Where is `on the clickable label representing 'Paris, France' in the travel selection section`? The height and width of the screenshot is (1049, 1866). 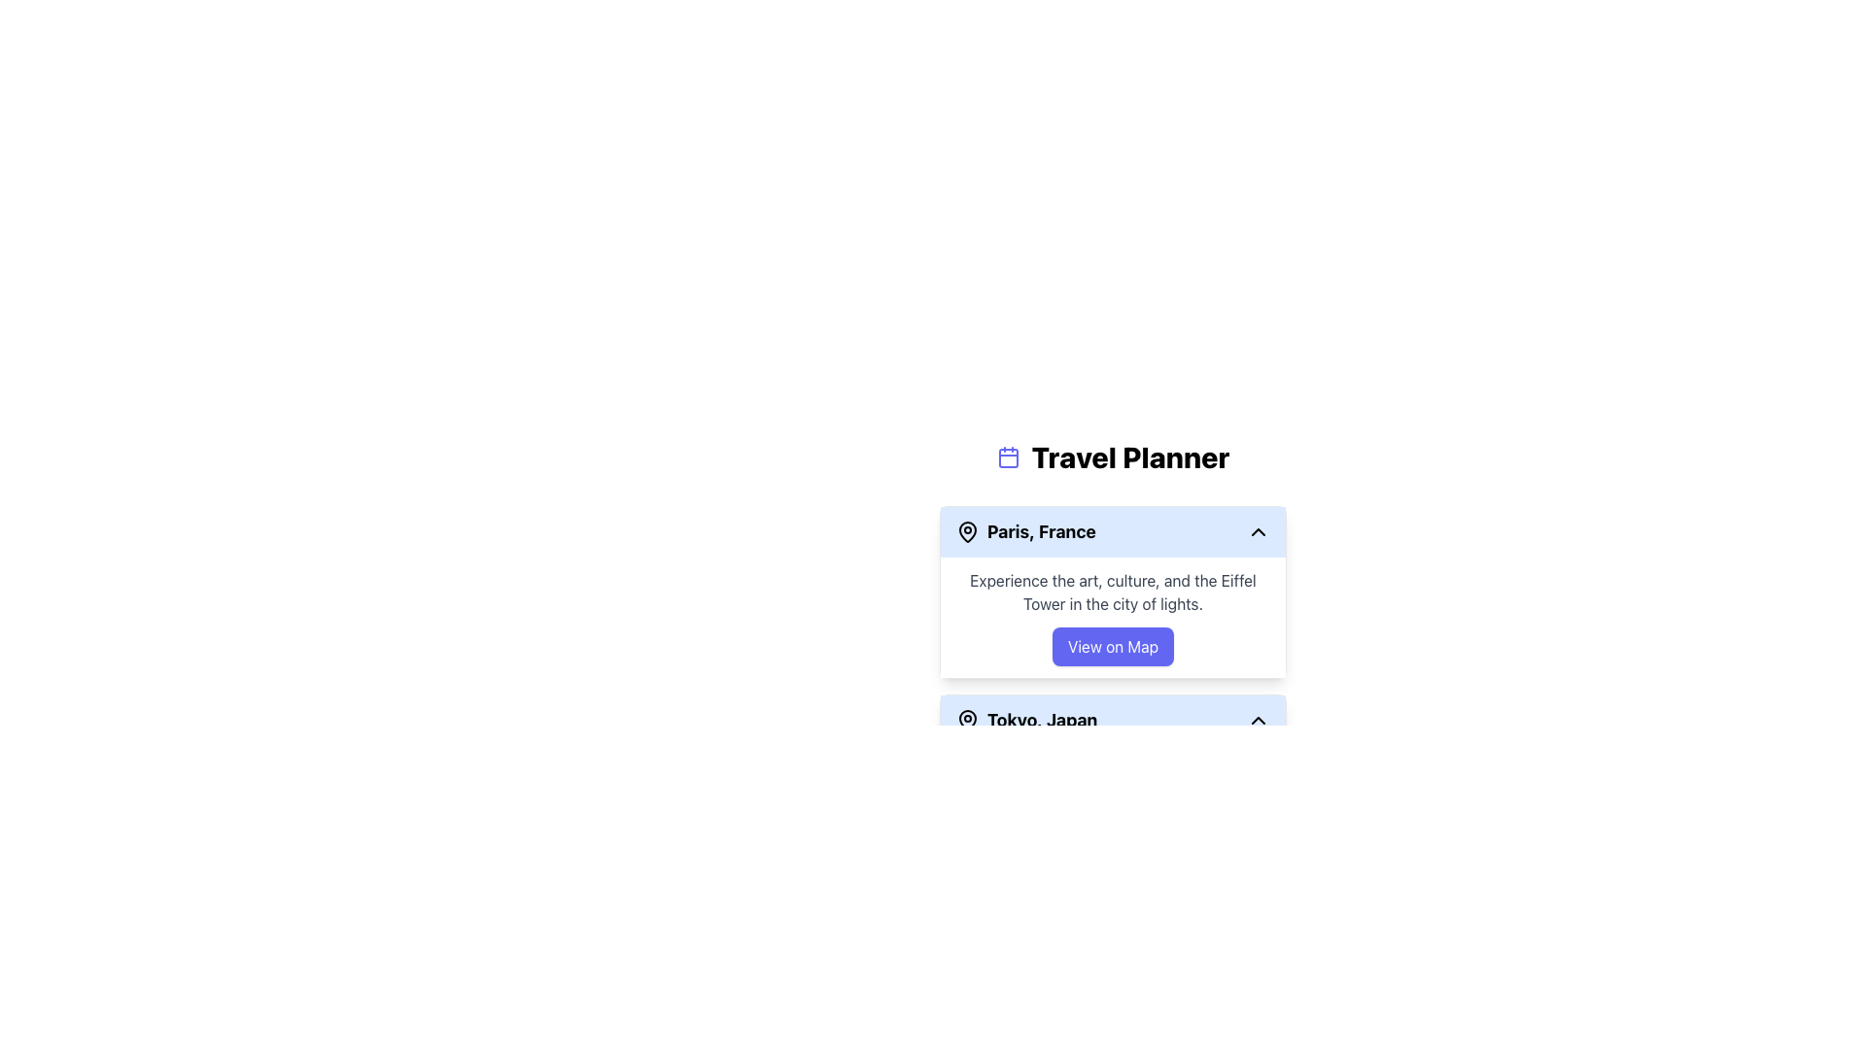 on the clickable label representing 'Paris, France' in the travel selection section is located at coordinates (1024, 531).